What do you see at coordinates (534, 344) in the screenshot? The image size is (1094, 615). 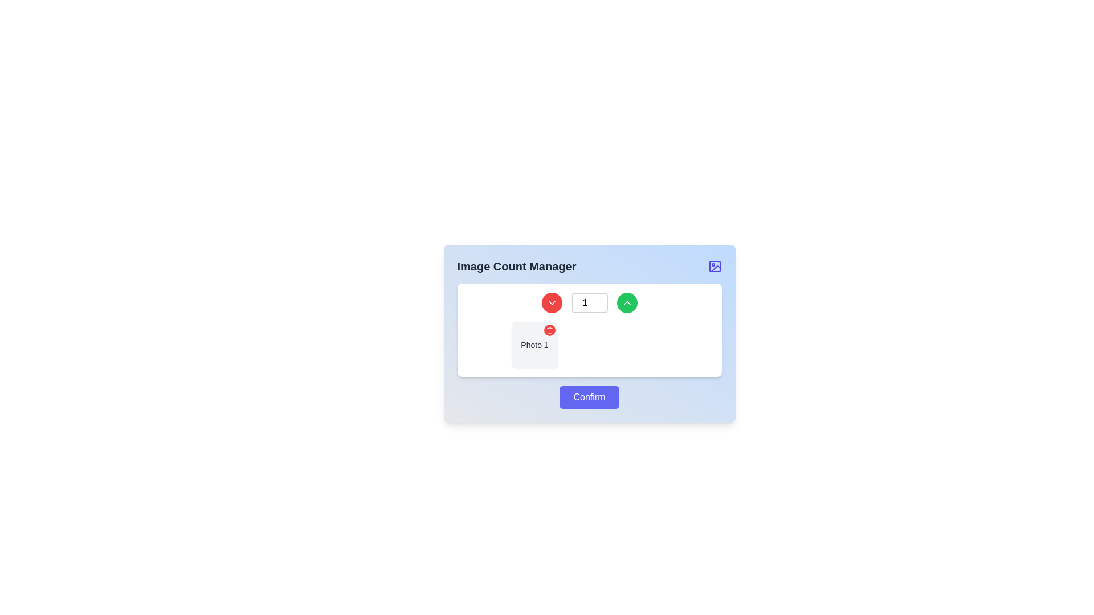 I see `the square-shaped card labeled 'Photo 1' with a remove button in the top-right corner` at bounding box center [534, 344].